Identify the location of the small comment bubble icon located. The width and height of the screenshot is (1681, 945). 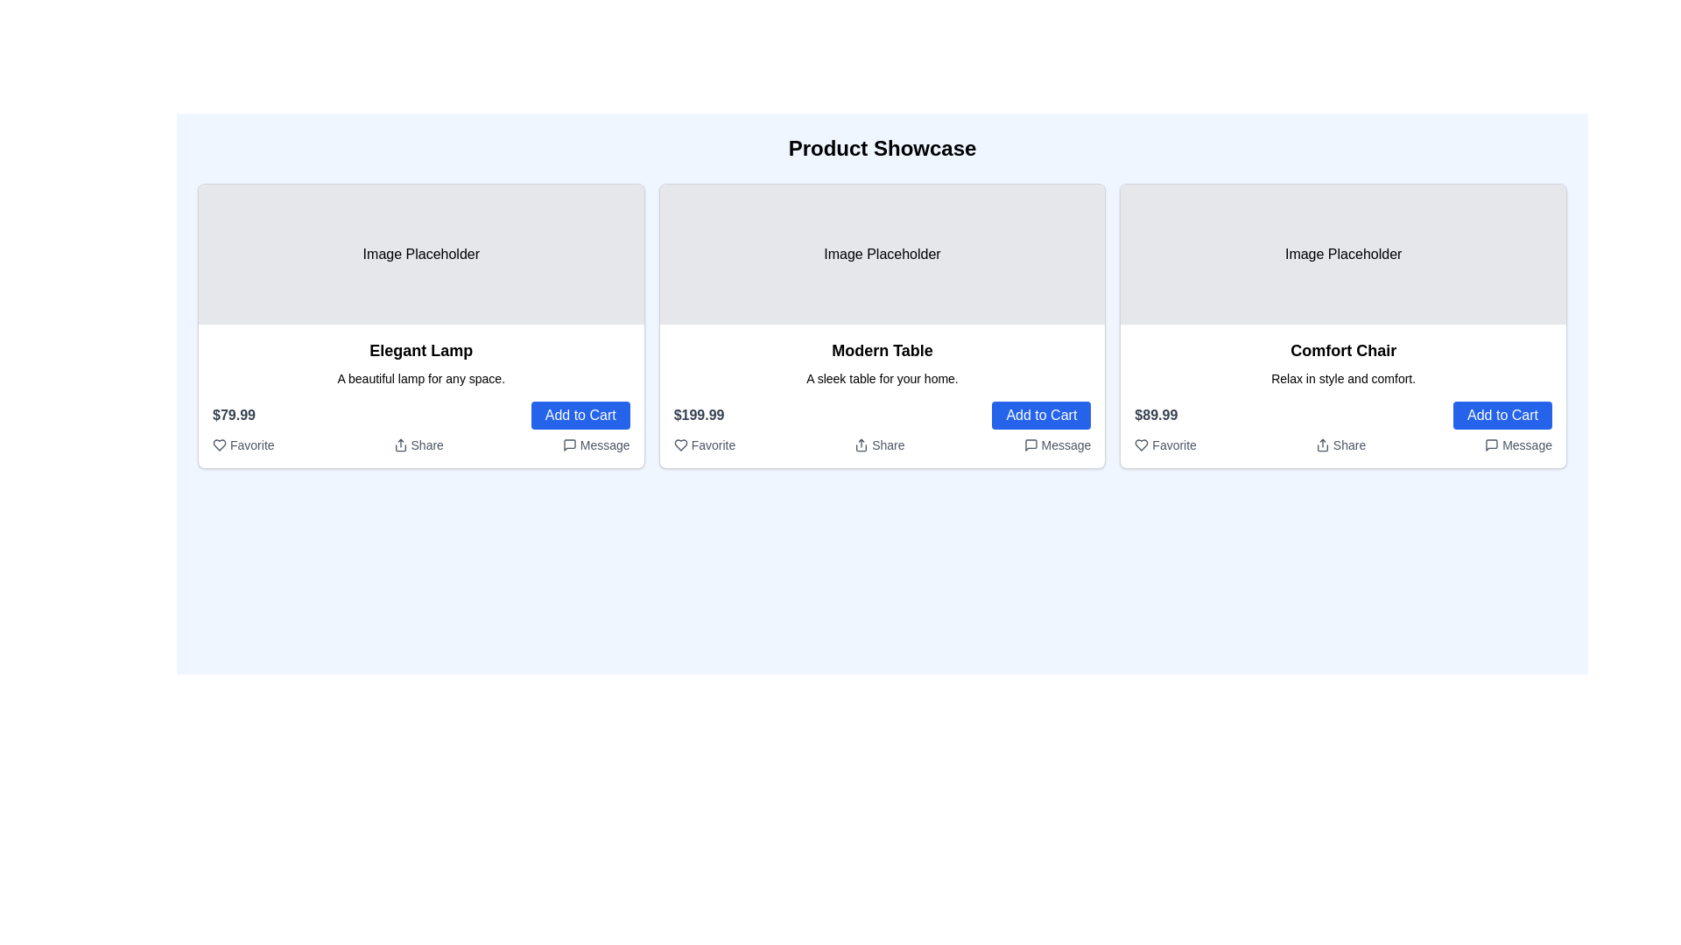
(569, 444).